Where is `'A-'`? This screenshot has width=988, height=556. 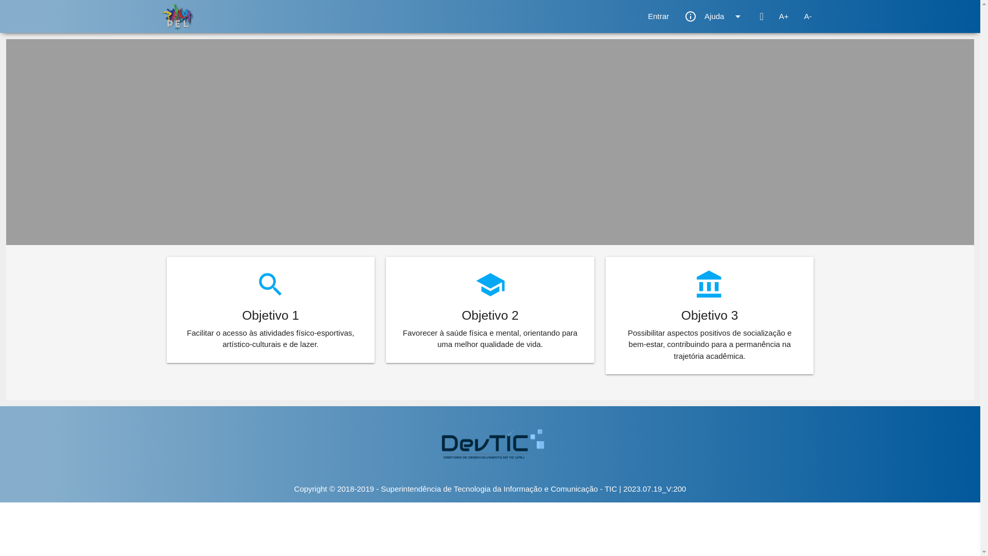
'A-' is located at coordinates (807, 16).